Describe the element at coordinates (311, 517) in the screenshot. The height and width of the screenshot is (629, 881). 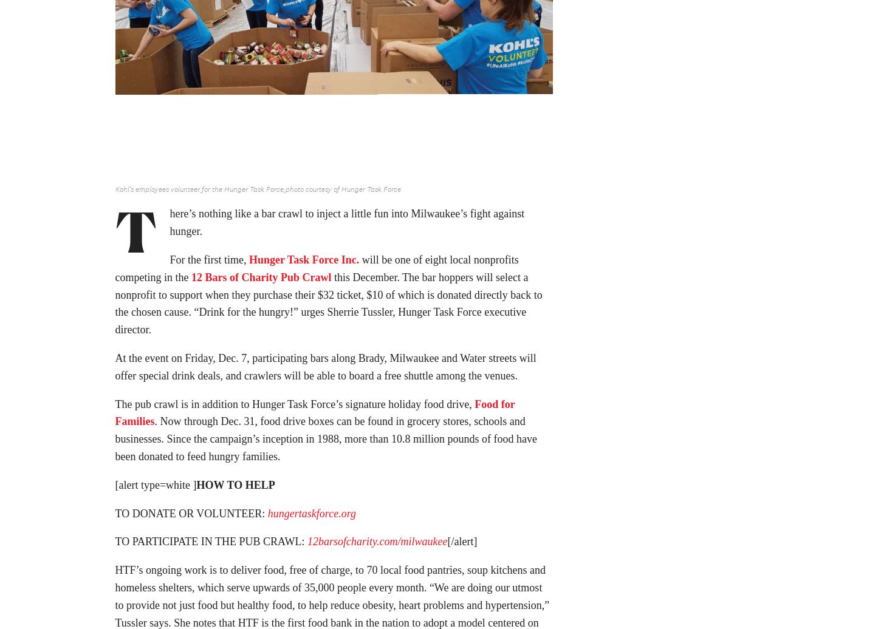
I see `'hungertaskforce.org'` at that location.